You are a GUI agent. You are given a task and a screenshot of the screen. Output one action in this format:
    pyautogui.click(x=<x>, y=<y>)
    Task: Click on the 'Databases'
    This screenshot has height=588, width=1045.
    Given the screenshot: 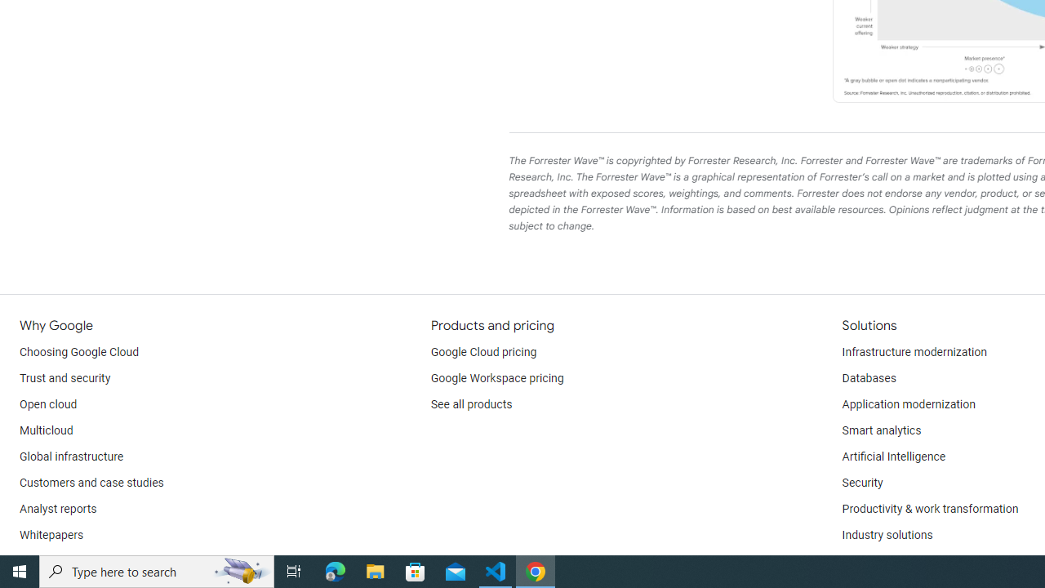 What is the action you would take?
    pyautogui.click(x=868, y=379)
    